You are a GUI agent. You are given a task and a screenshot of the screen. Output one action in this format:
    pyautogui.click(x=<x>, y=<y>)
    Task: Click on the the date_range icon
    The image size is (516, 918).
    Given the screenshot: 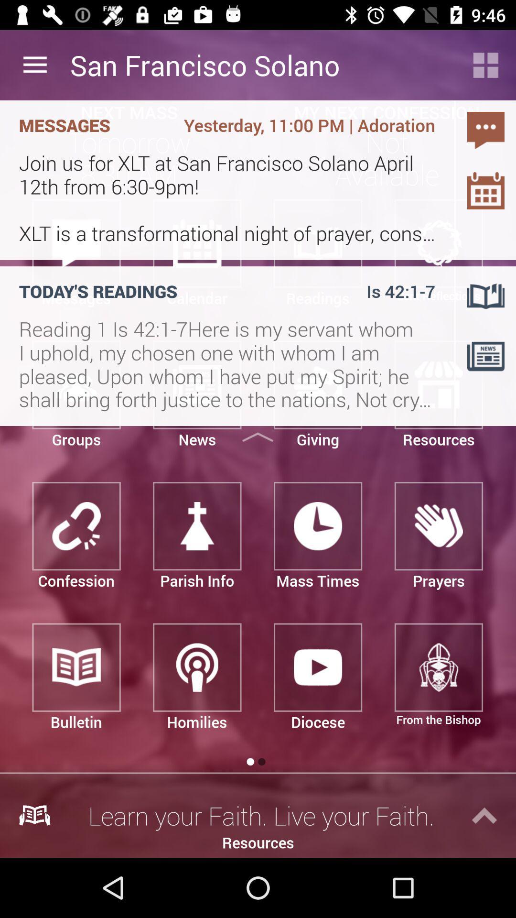 What is the action you would take?
    pyautogui.click(x=486, y=190)
    